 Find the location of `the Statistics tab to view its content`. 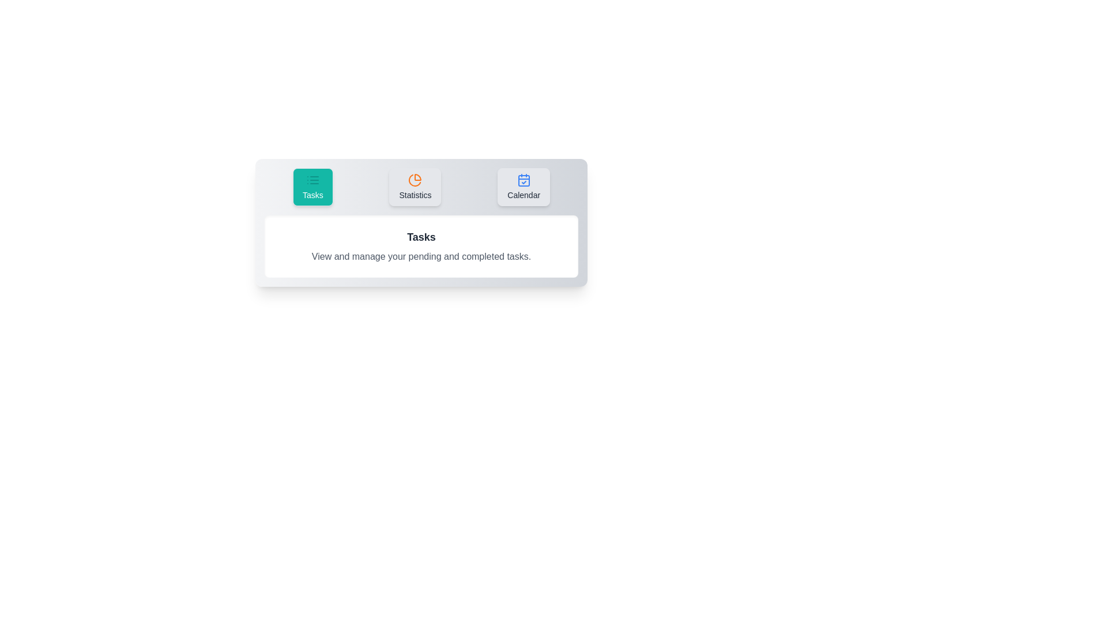

the Statistics tab to view its content is located at coordinates (415, 186).